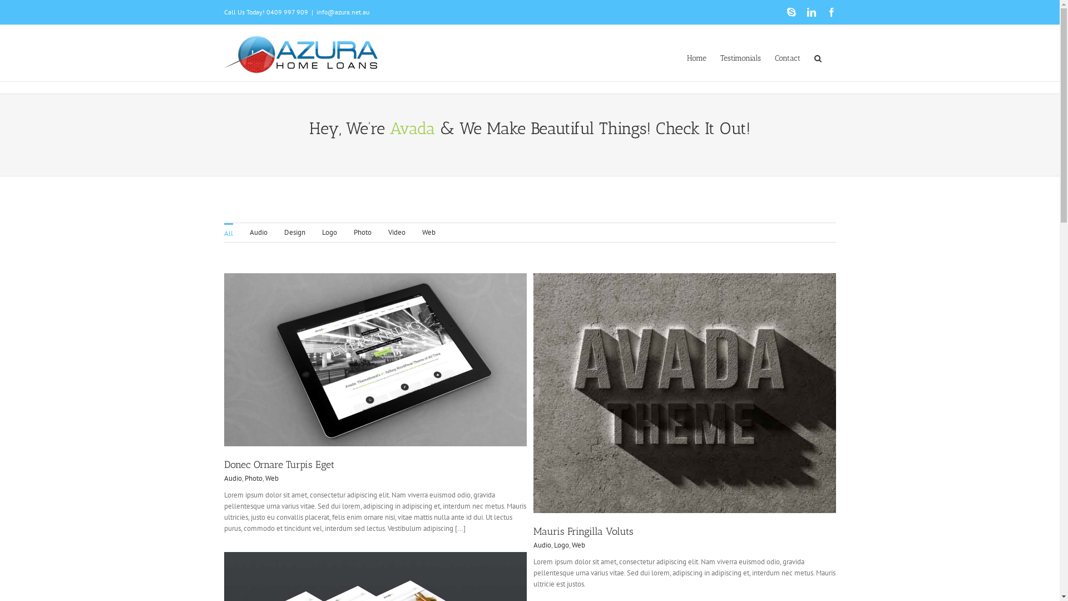 The image size is (1068, 601). Describe the element at coordinates (253, 477) in the screenshot. I see `'Photo'` at that location.